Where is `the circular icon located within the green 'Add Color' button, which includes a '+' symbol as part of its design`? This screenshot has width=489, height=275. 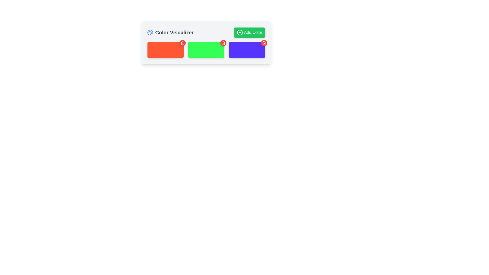 the circular icon located within the green 'Add Color' button, which includes a '+' symbol as part of its design is located at coordinates (240, 32).